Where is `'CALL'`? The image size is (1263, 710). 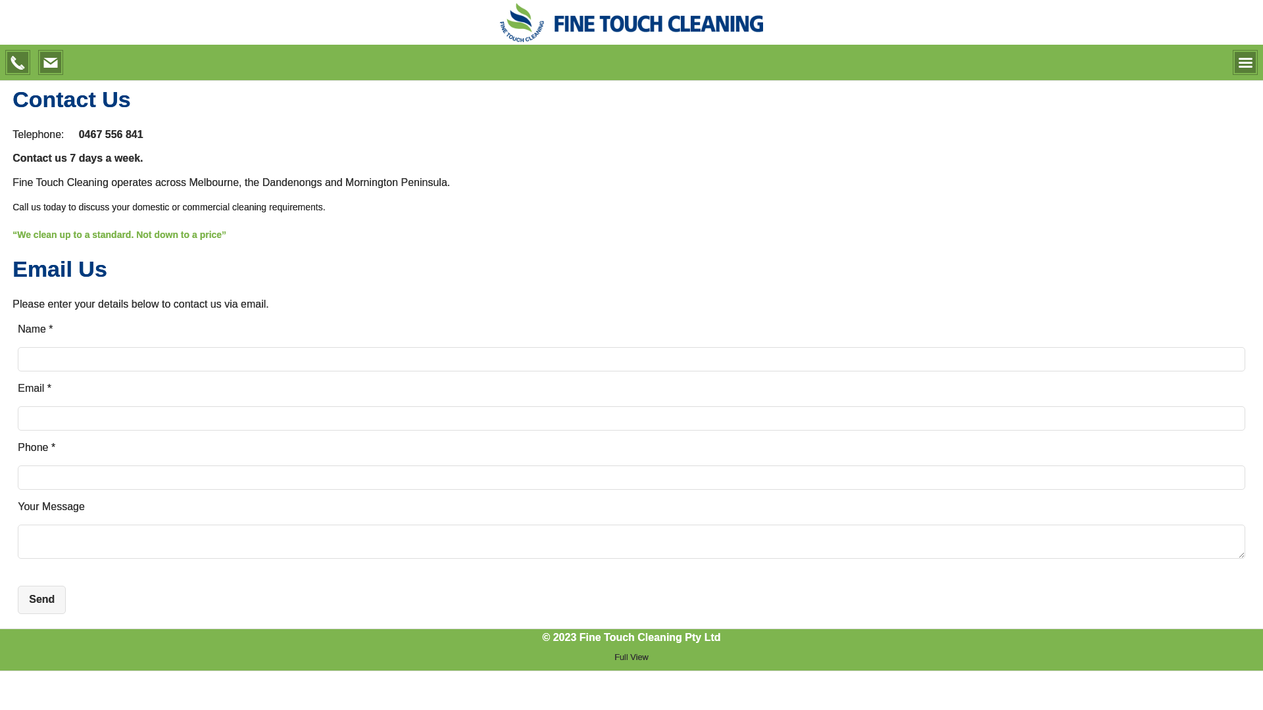
'CALL' is located at coordinates (5, 62).